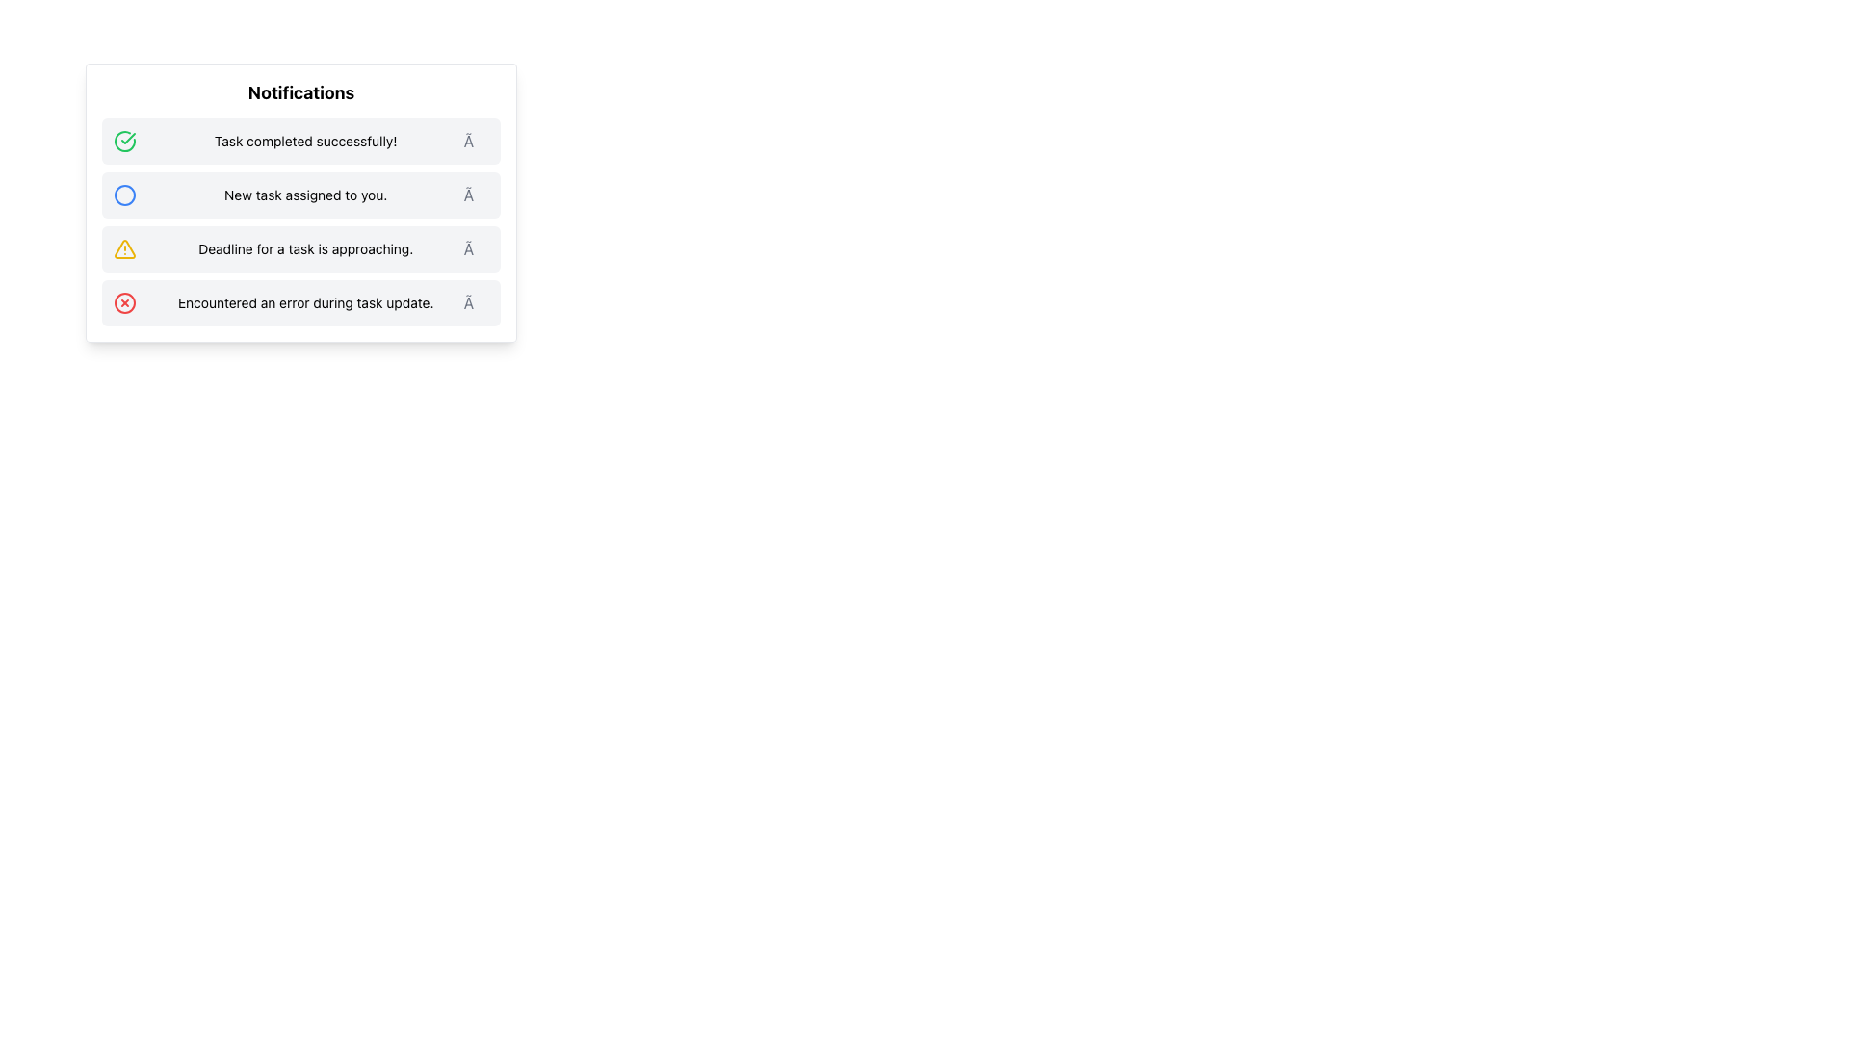 The image size is (1849, 1040). Describe the element at coordinates (123, 247) in the screenshot. I see `the warning icon located at the leftmost end of the notification indicating 'Deadline for a task is approaching'` at that location.